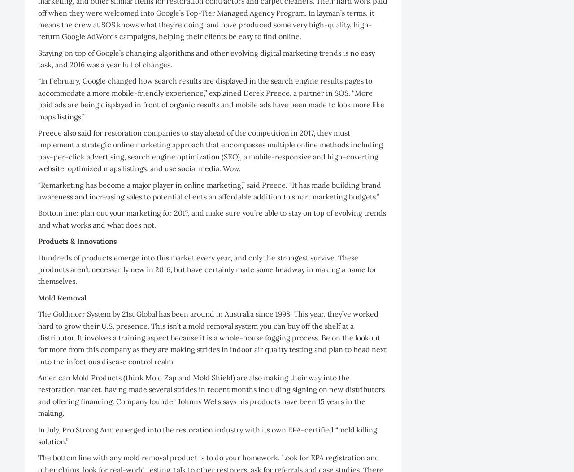 The height and width of the screenshot is (472, 574). I want to click on '“In February, Google changed how search results are displayed in the search engine results pages to accommodate a more mobile-friendly experience,” explained Derek Preece, a partner in SOS. “More paid ads are being displayed in front of organic results and mobile ads have been made to look more like maps listings.”', so click(211, 98).